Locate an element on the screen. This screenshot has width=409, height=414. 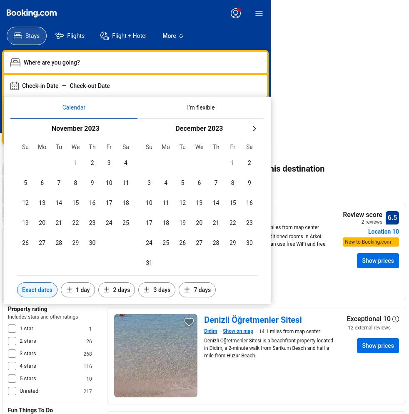
'116' is located at coordinates (87, 366).